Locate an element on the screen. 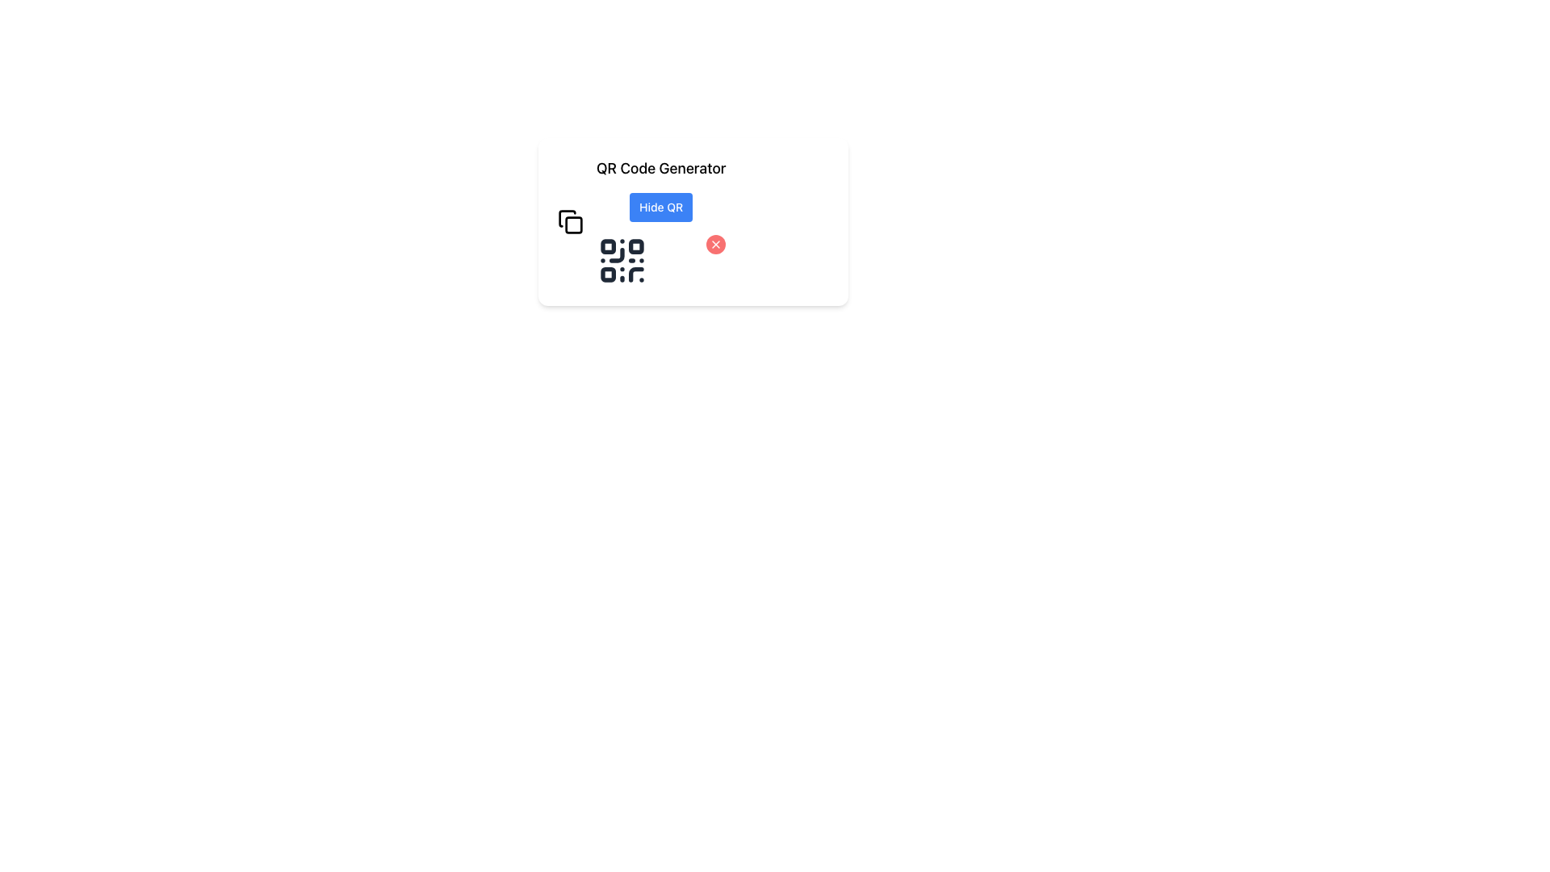  the icon fragment located in the lower-right quadrant of the QR code design, which is part of the SVG graphic is located at coordinates (635, 274).